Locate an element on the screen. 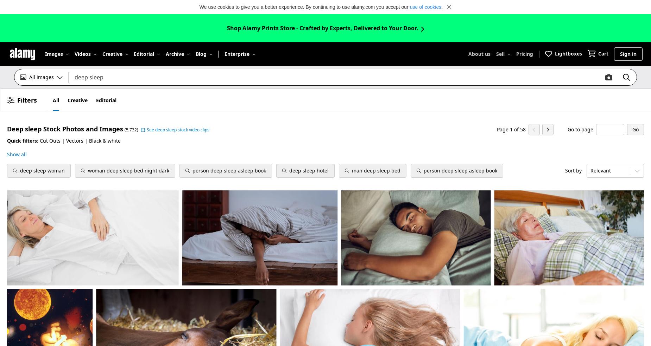  'deep sleep hotel' is located at coordinates (289, 170).